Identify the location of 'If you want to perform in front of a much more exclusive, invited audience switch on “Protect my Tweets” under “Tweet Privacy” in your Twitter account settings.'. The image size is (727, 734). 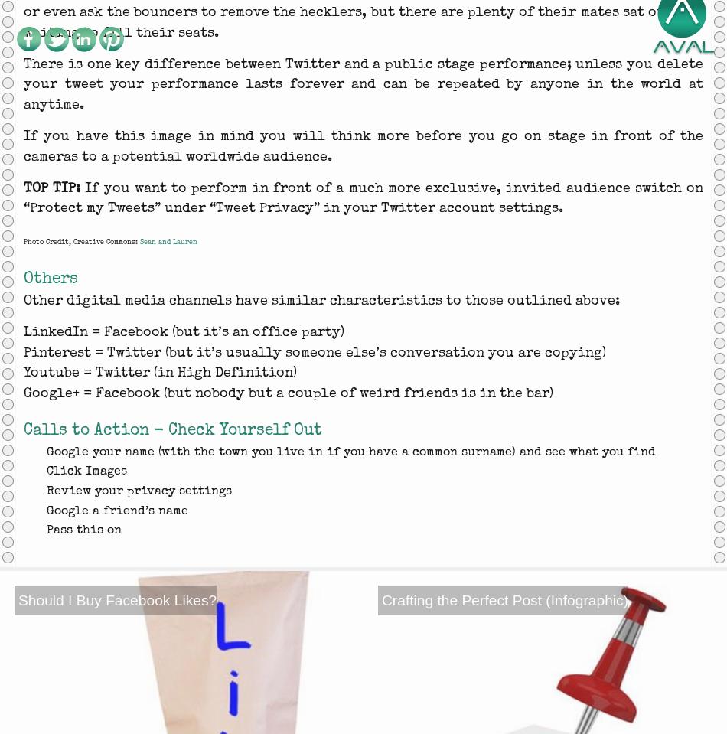
(363, 197).